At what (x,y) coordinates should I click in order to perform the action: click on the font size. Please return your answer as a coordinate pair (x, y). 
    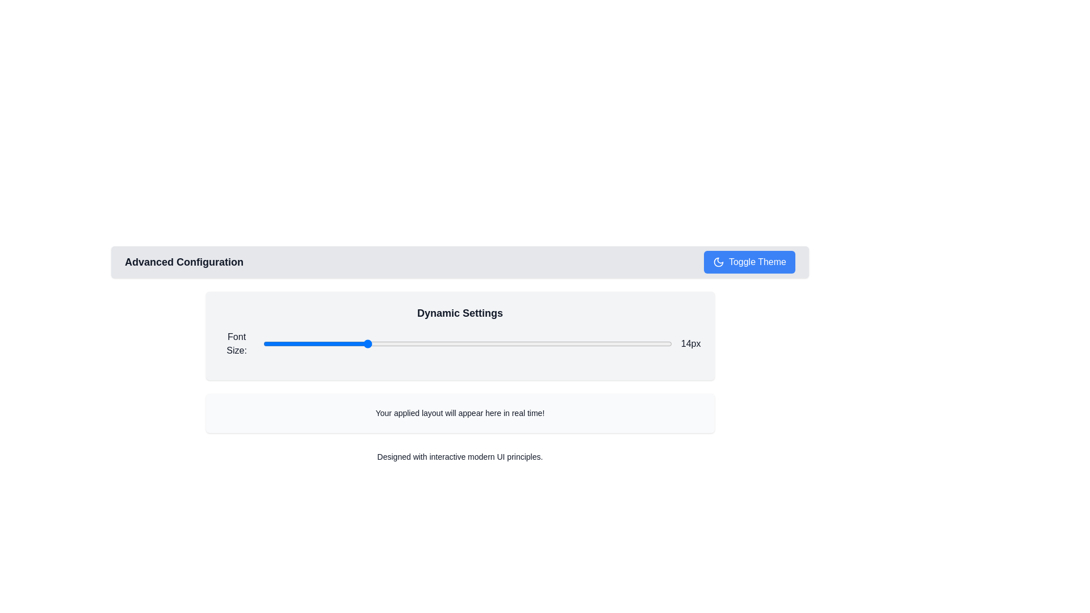
    Looking at the image, I should click on (620, 343).